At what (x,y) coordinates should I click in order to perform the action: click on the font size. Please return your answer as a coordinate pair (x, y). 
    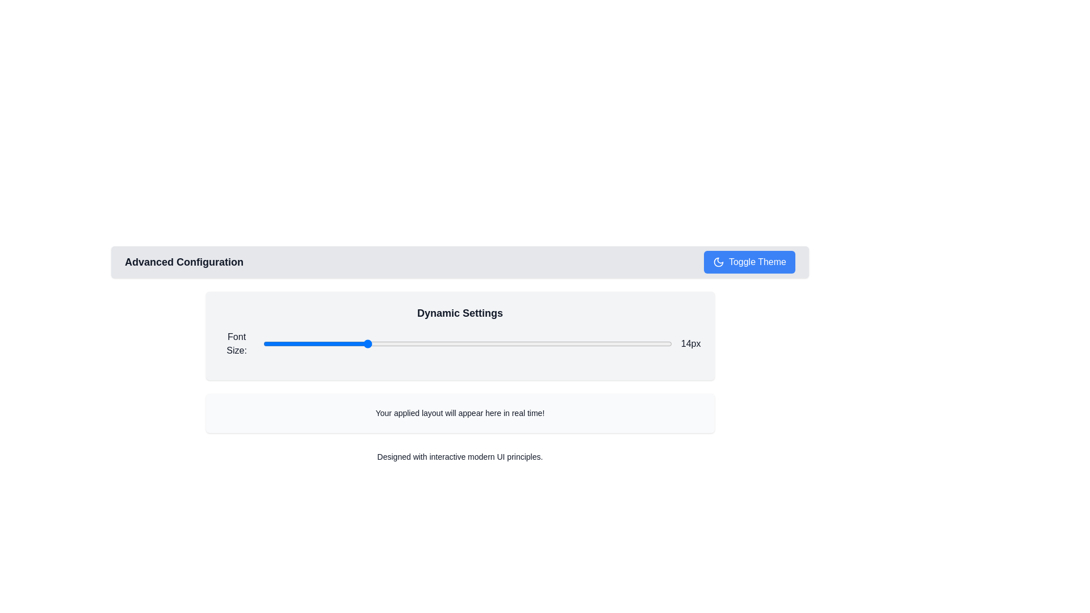
    Looking at the image, I should click on (620, 343).